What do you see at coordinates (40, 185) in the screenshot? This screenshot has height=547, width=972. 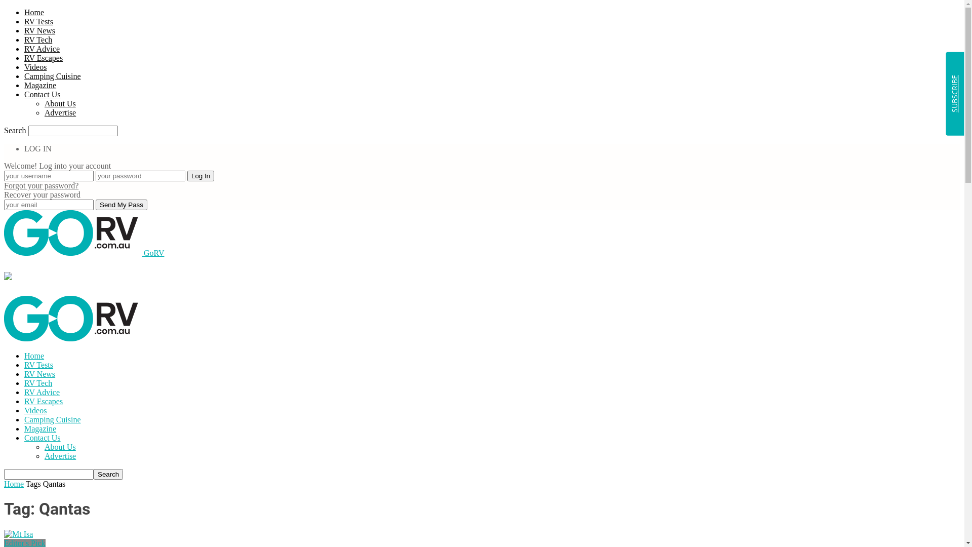 I see `'Forgot your password?'` at bounding box center [40, 185].